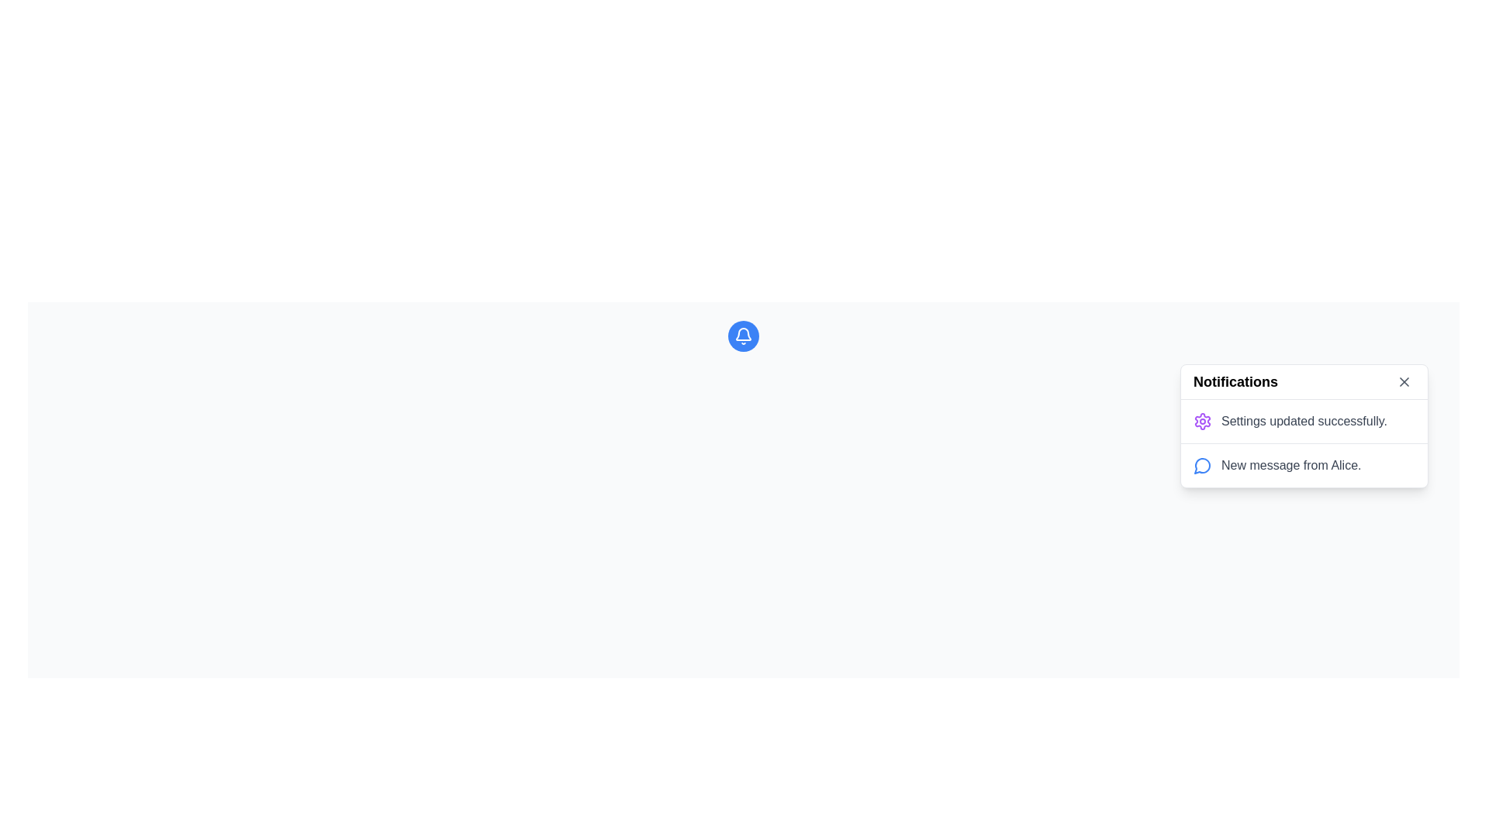 The image size is (1489, 837). I want to click on the close icon in the upper-right corner of the notification panel, so click(1404, 382).